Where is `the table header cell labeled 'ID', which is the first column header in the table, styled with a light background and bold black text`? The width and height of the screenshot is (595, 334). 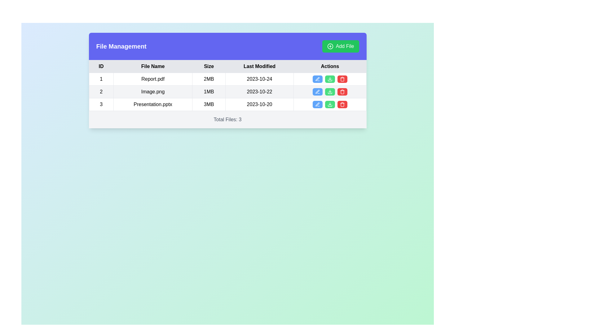
the table header cell labeled 'ID', which is the first column header in the table, styled with a light background and bold black text is located at coordinates (101, 66).